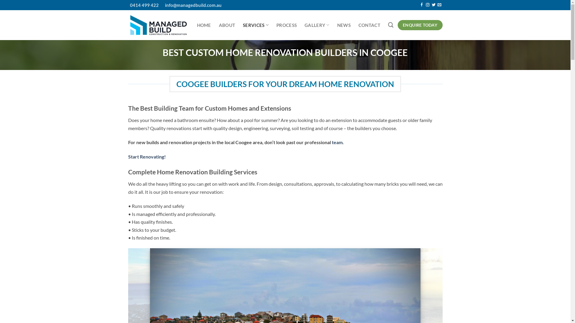 This screenshot has width=575, height=323. What do you see at coordinates (143, 5) in the screenshot?
I see `'  0414 499 422'` at bounding box center [143, 5].